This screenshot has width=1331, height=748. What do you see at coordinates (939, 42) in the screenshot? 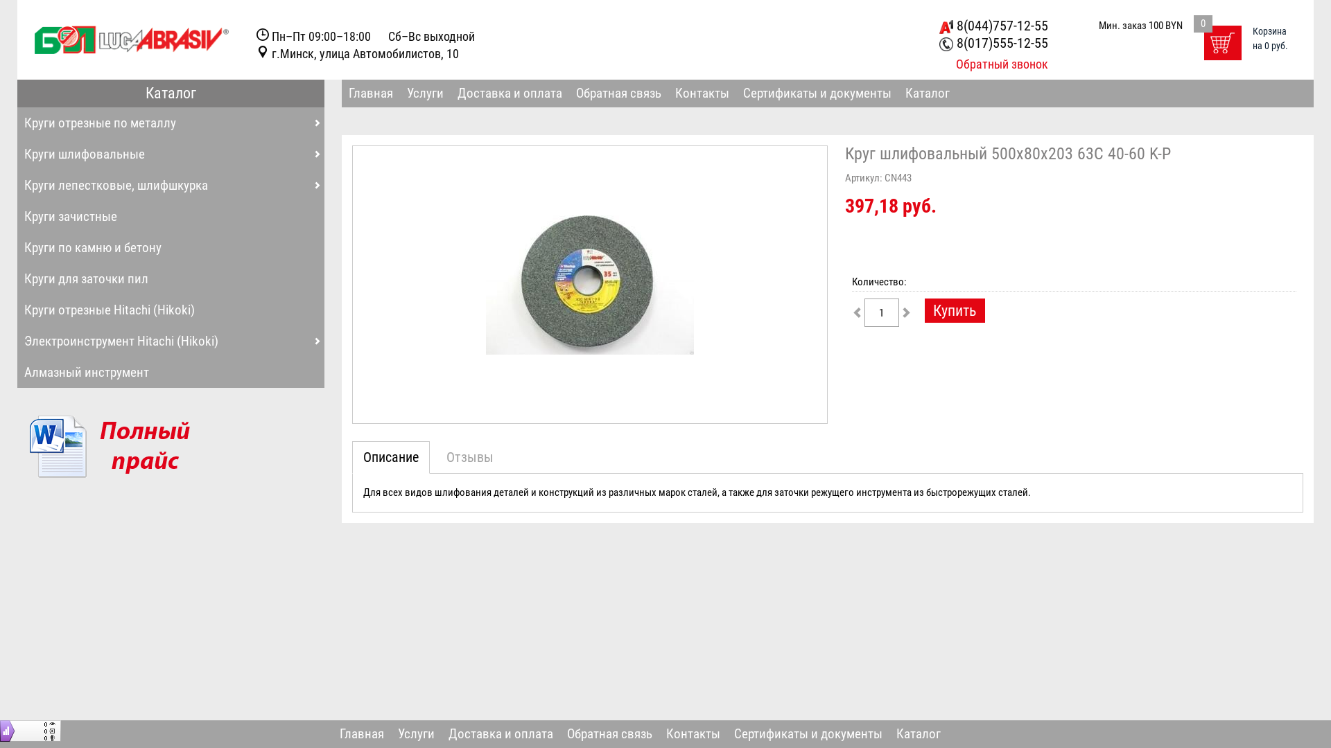
I see `'8(017)555-12-55'` at bounding box center [939, 42].